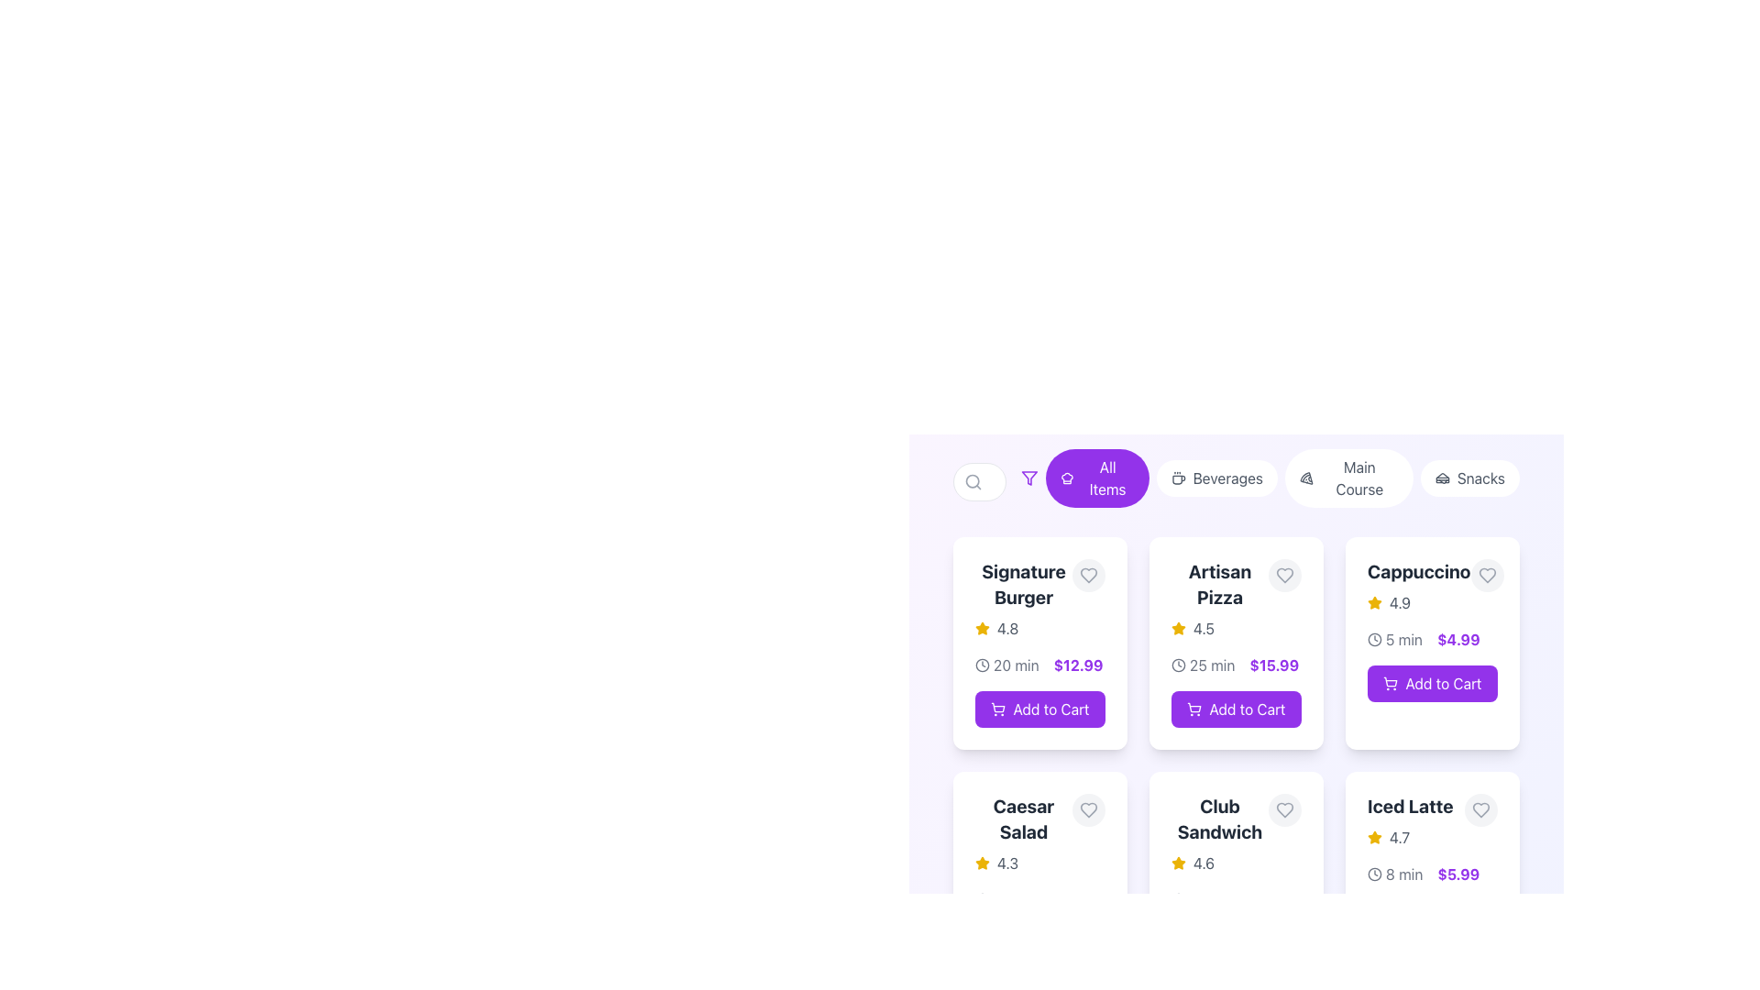  I want to click on the 'Beverages' text label in the navigation bar, so click(1227, 477).